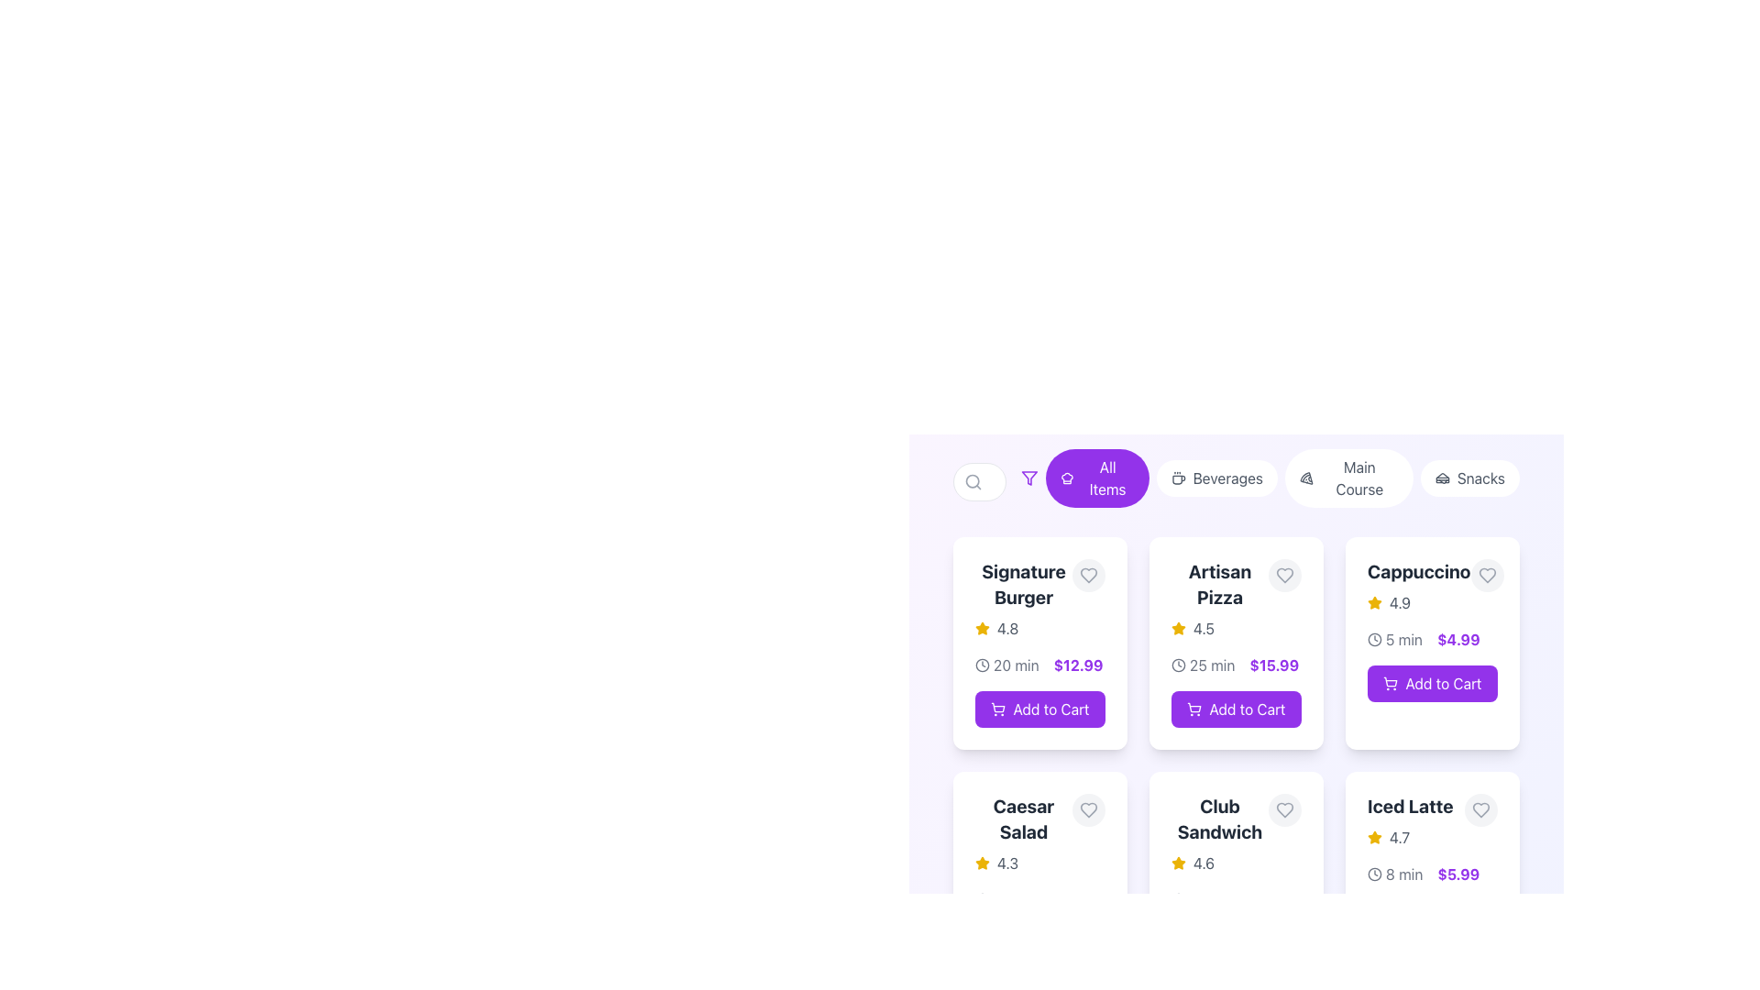  I want to click on the 'Beverages' text label in the navigation bar, so click(1227, 477).